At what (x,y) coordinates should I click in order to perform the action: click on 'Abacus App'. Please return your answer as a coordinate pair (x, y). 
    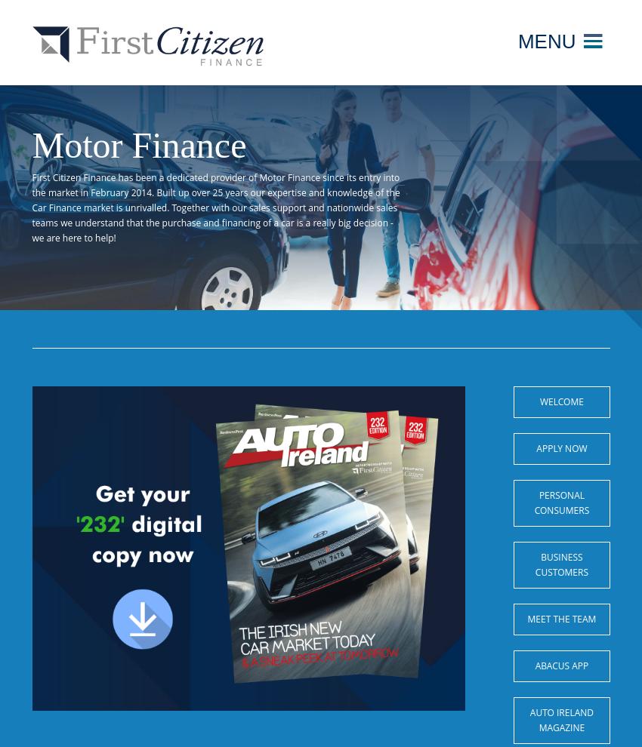
    Looking at the image, I should click on (561, 666).